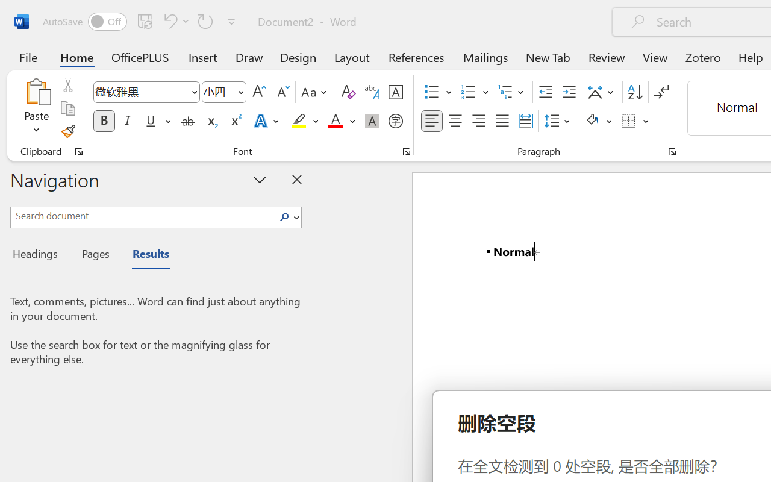  I want to click on 'Paste', so click(36, 91).